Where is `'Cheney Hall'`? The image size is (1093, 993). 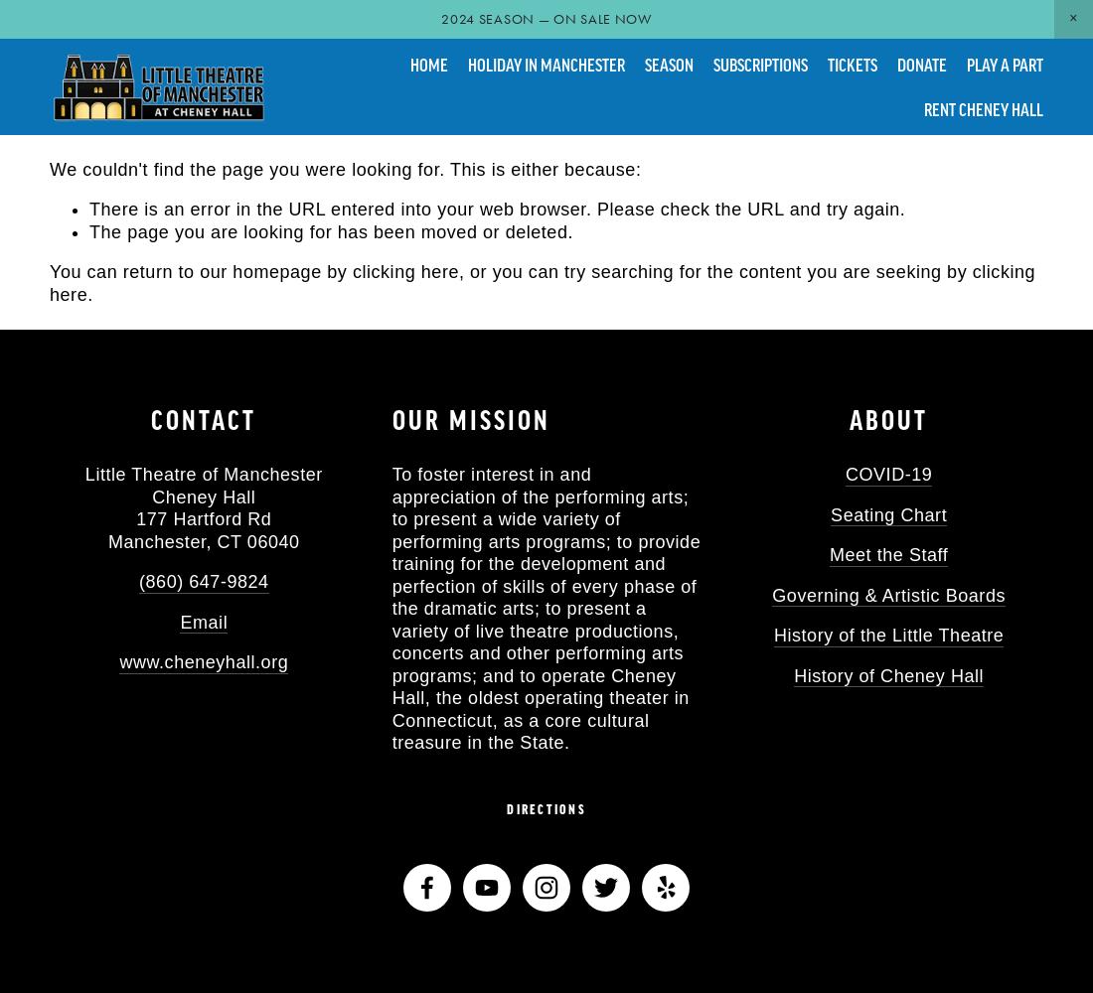 'Cheney Hall' is located at coordinates (203, 496).